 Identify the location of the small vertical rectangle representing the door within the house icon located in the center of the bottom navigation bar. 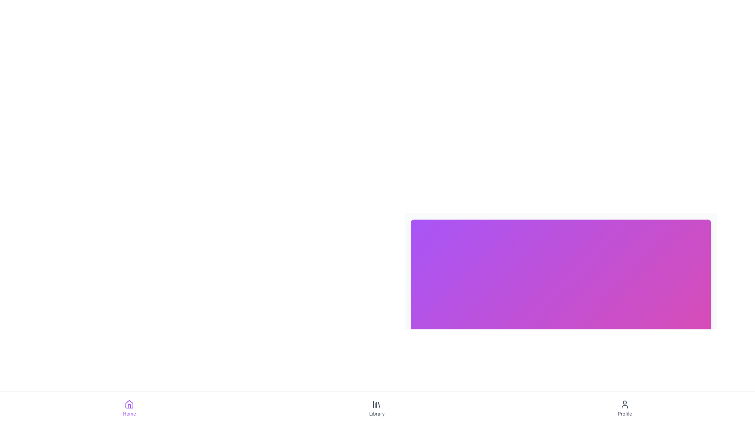
(129, 406).